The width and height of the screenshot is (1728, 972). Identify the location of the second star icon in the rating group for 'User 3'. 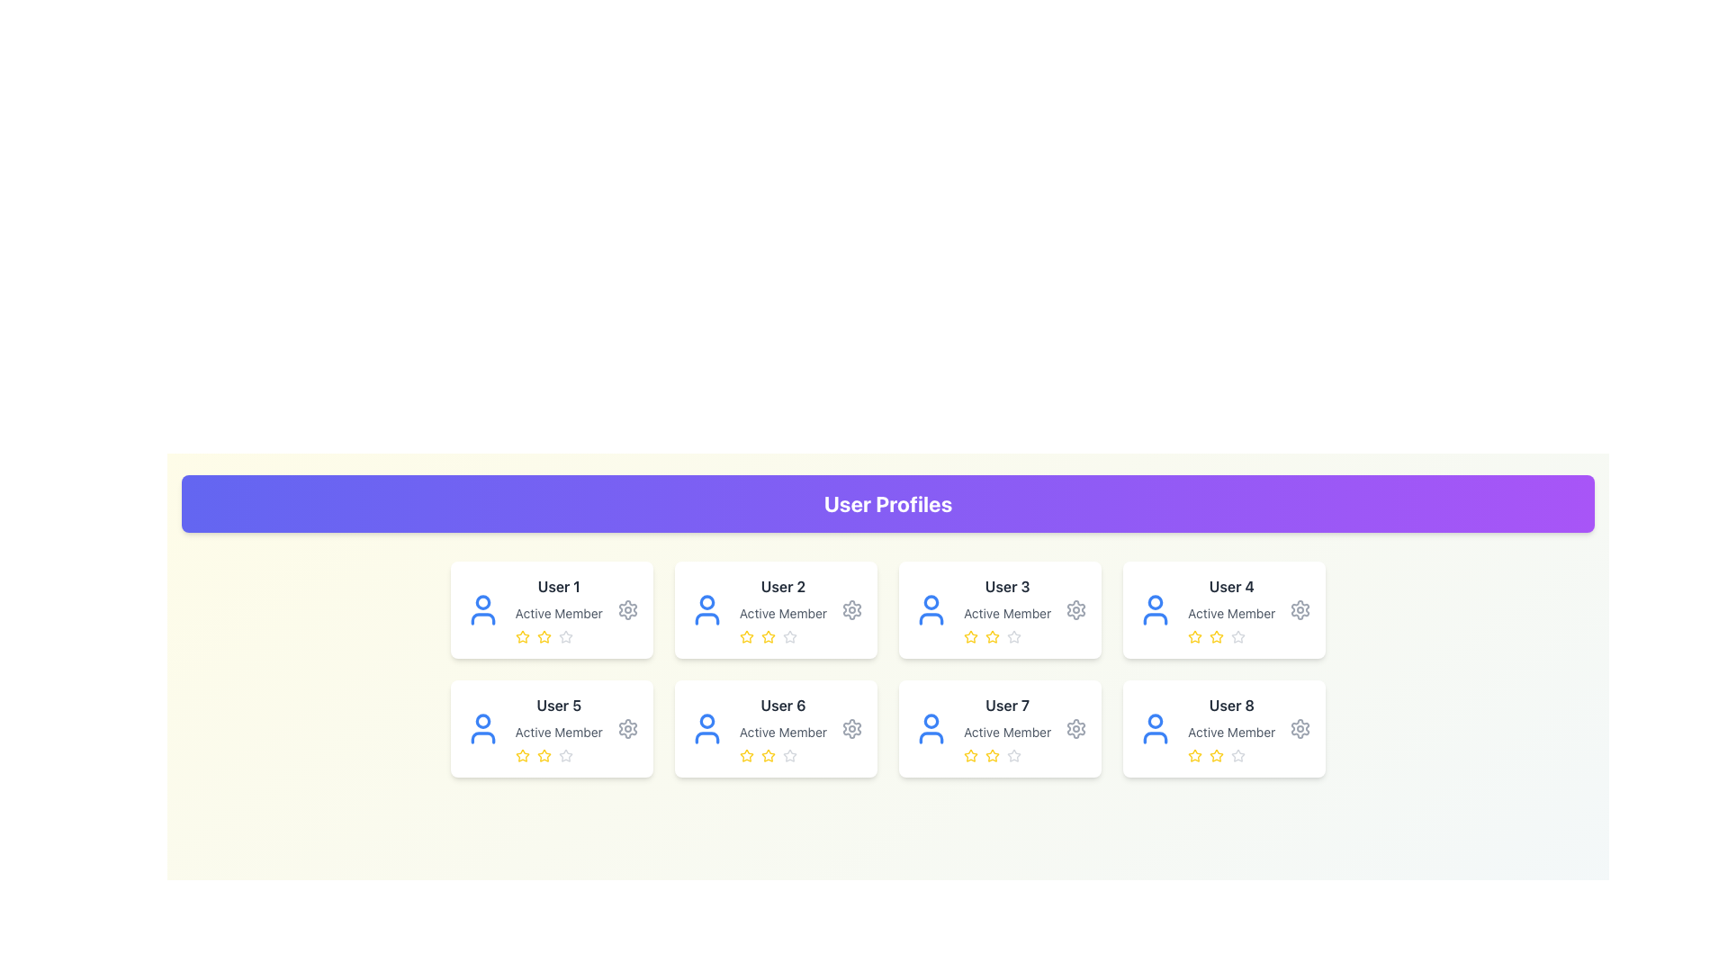
(992, 635).